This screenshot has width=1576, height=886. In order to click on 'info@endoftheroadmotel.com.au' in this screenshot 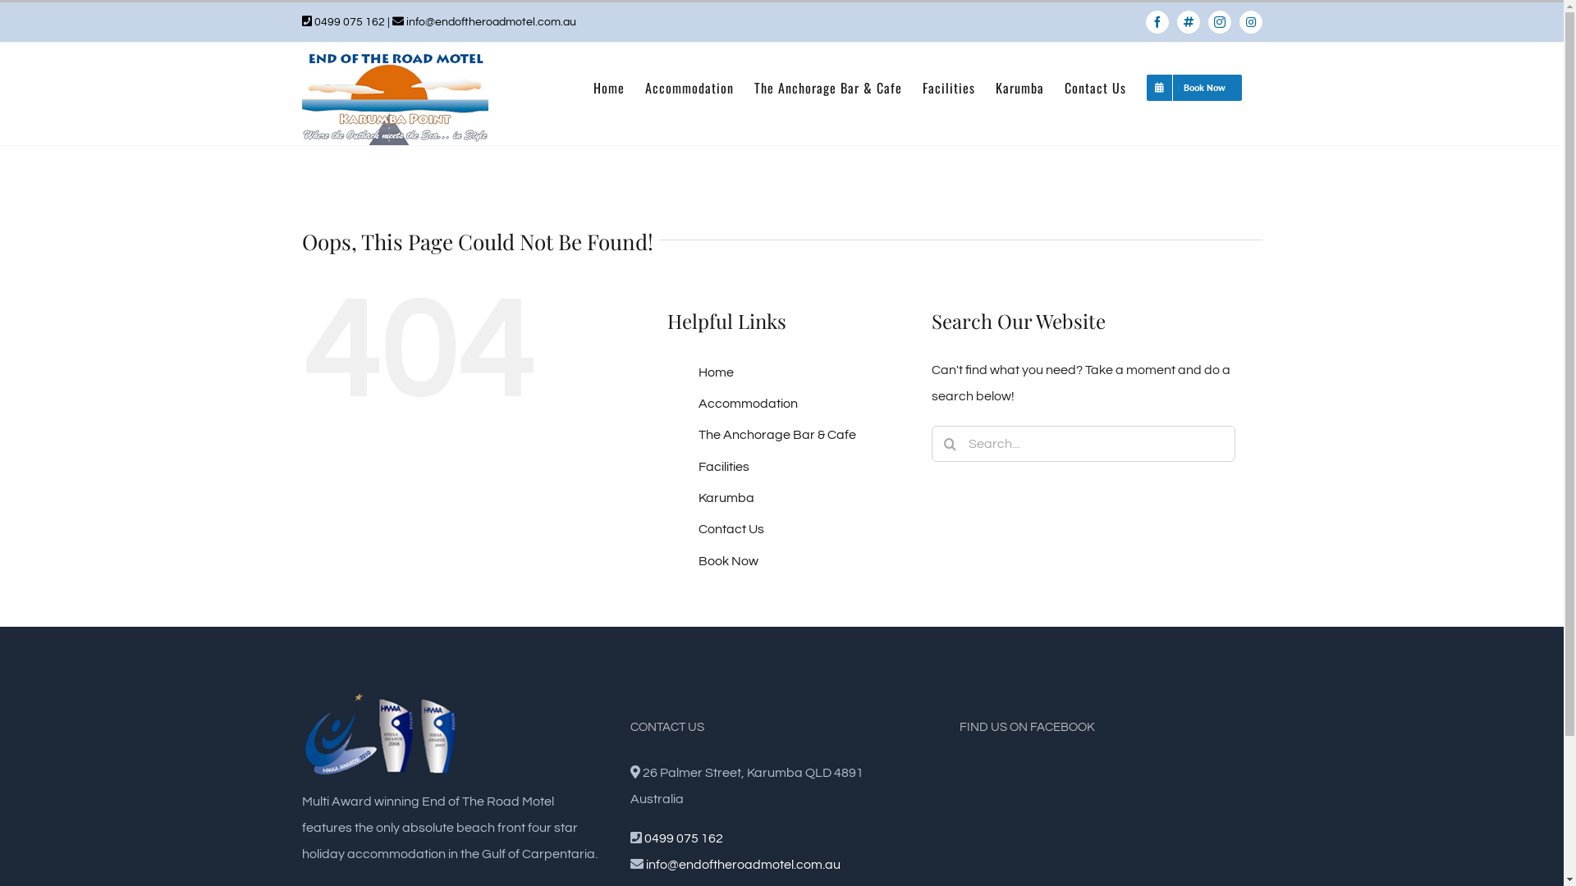, I will do `click(489, 22)`.